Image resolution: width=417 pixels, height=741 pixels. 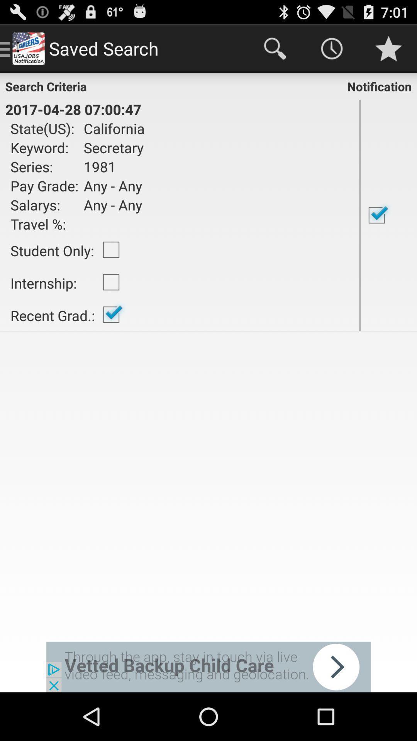 I want to click on the item next to the california icon, so click(x=360, y=215).